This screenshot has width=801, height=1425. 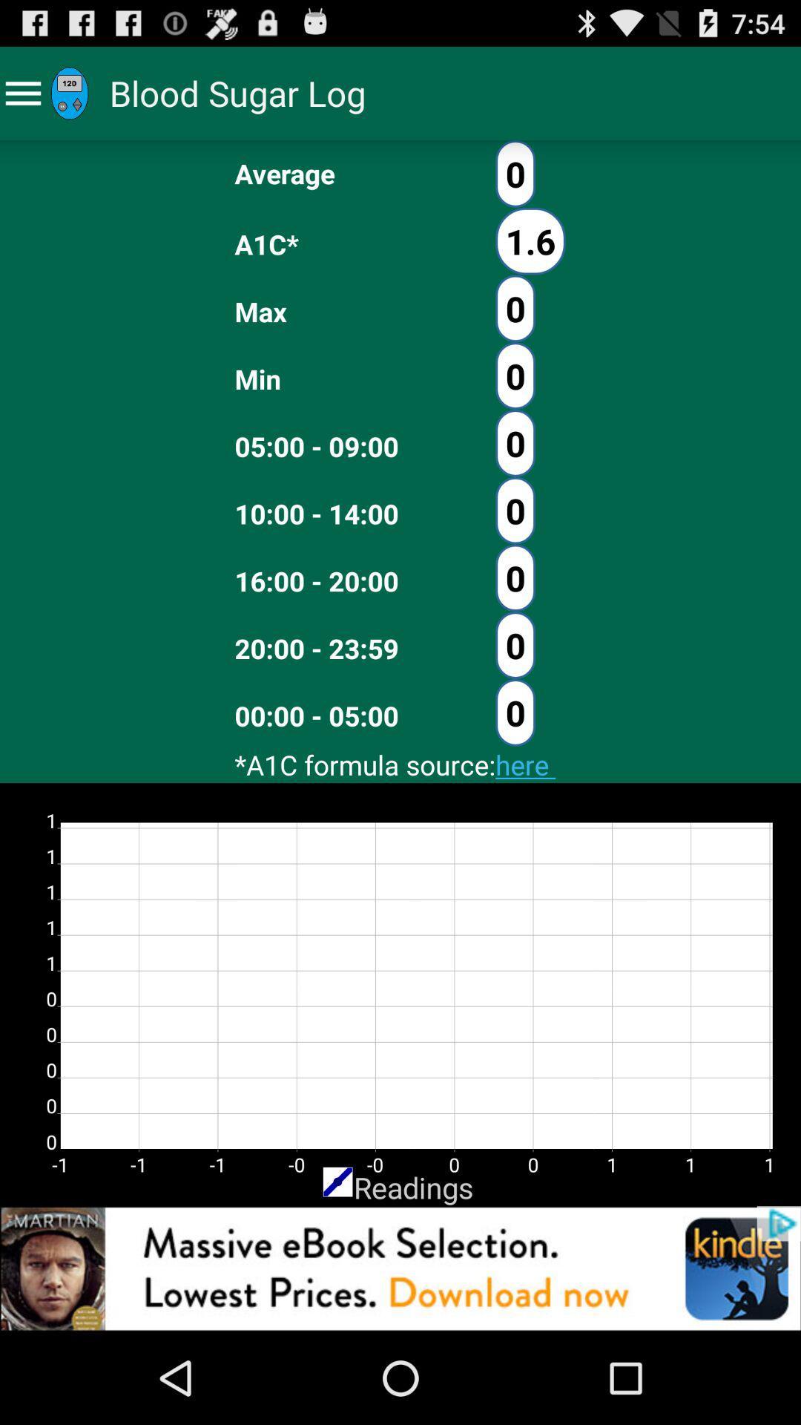 I want to click on the button which is next to the max, so click(x=514, y=308).